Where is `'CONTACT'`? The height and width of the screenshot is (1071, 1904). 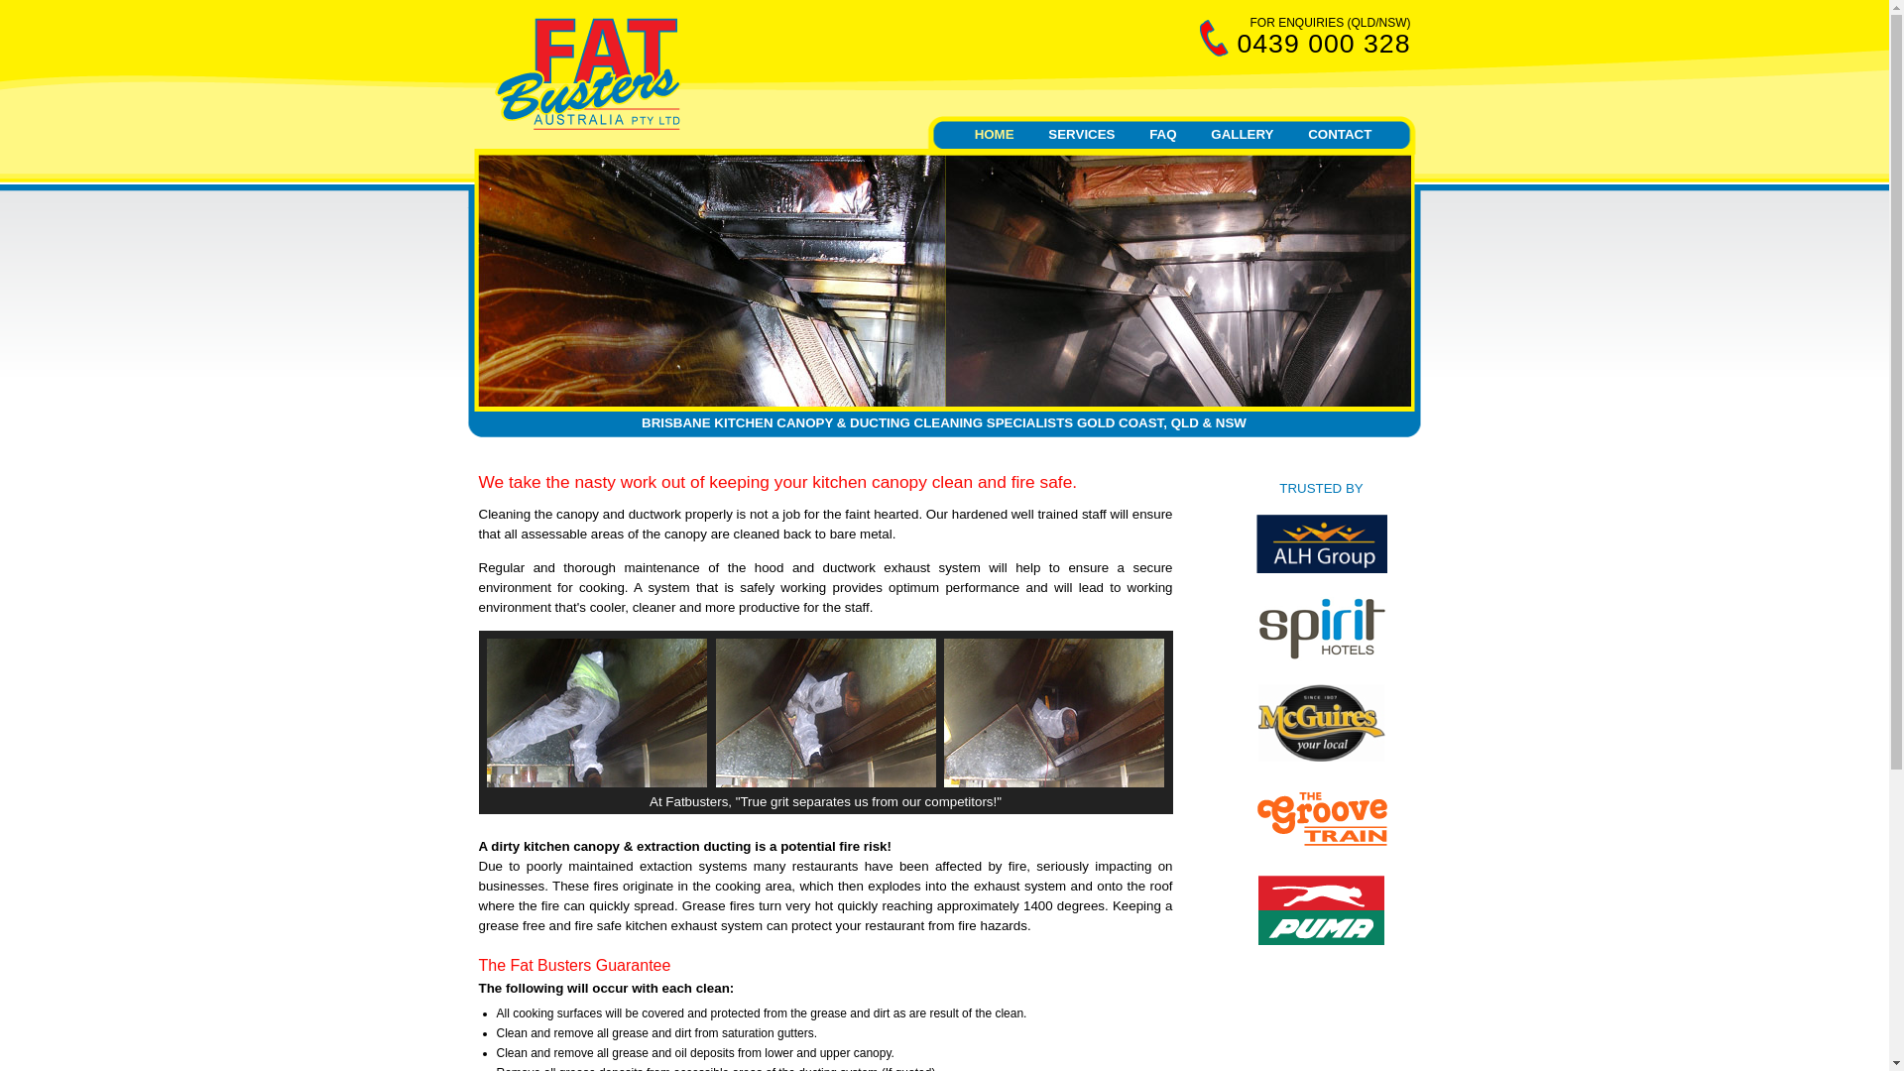
'CONTACT' is located at coordinates (1339, 134).